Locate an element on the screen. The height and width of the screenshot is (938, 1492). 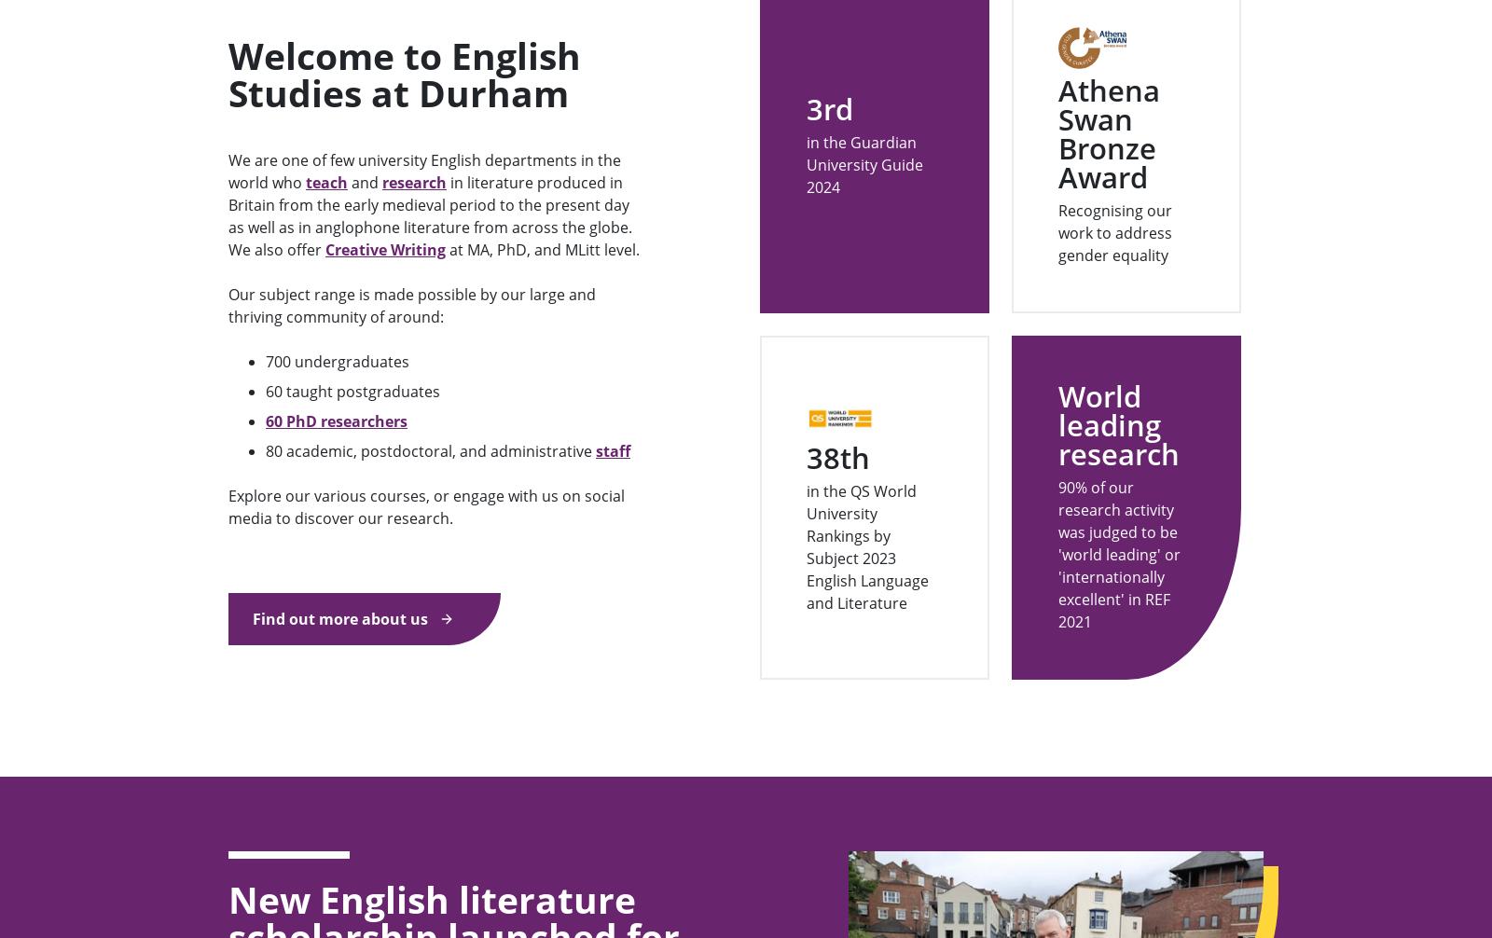
'IT Help and Support' is located at coordinates (1144, 918).